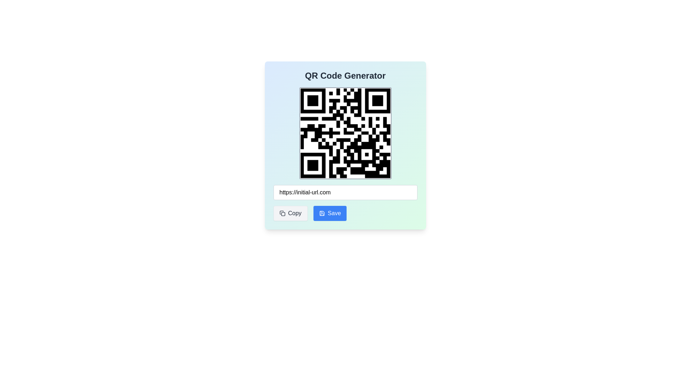  I want to click on the 'Save' button located at the lower-right corner of the card-like interface, which is prominently displayed in white on a blue background, so click(334, 213).